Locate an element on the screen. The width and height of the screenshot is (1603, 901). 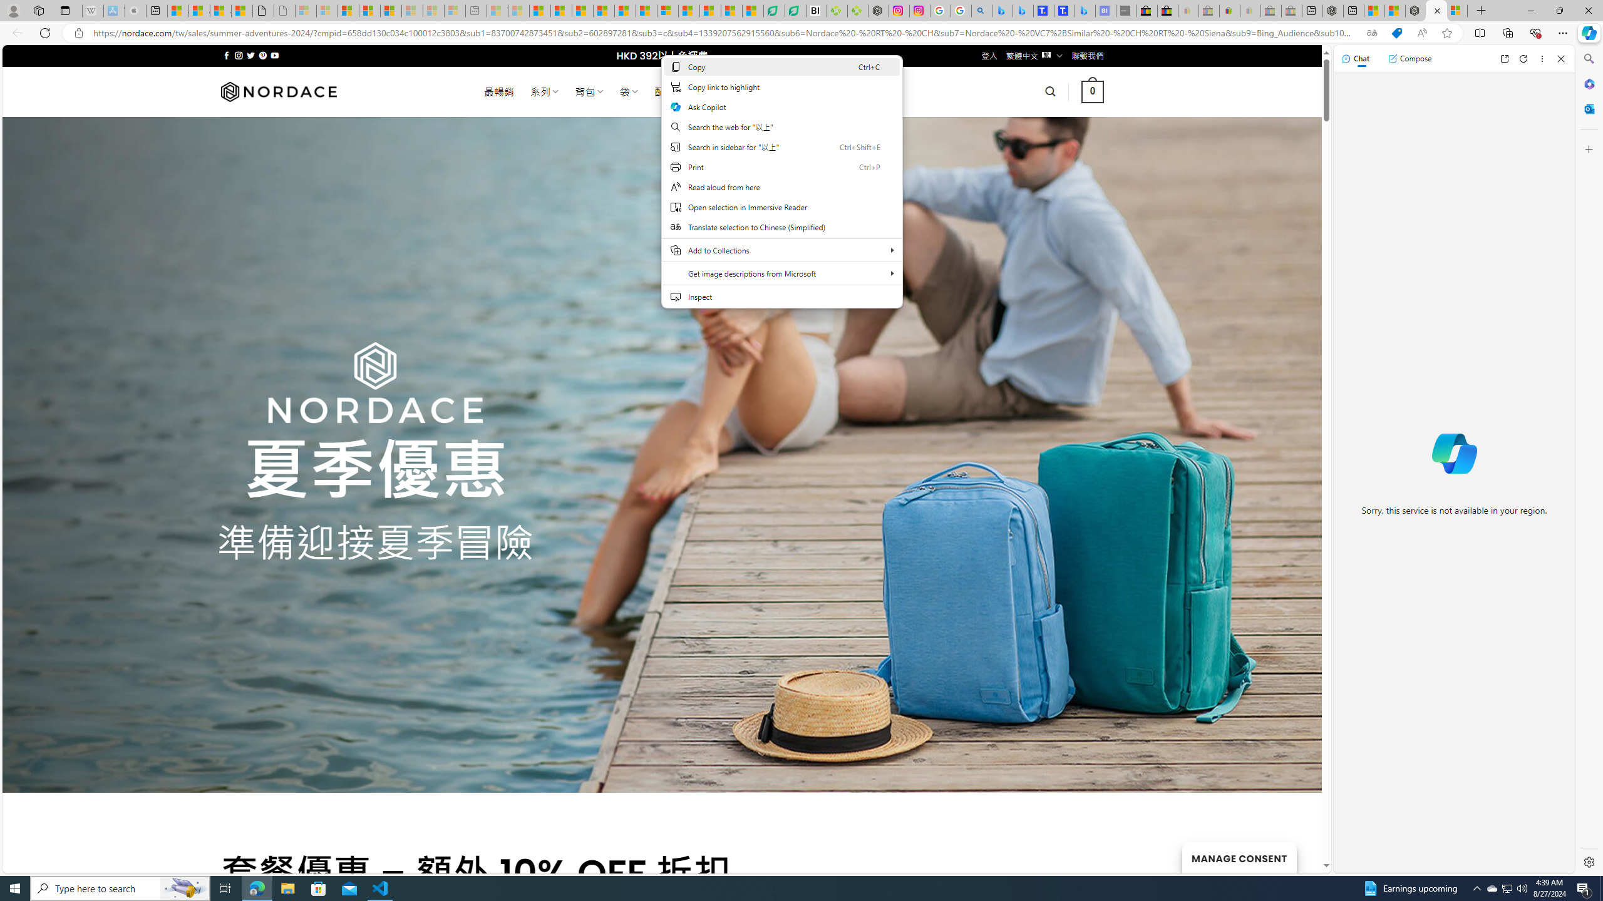
'Microsoft Bing Travel - Stays in Bangkok, Bangkok, Thailand' is located at coordinates (1023, 10).